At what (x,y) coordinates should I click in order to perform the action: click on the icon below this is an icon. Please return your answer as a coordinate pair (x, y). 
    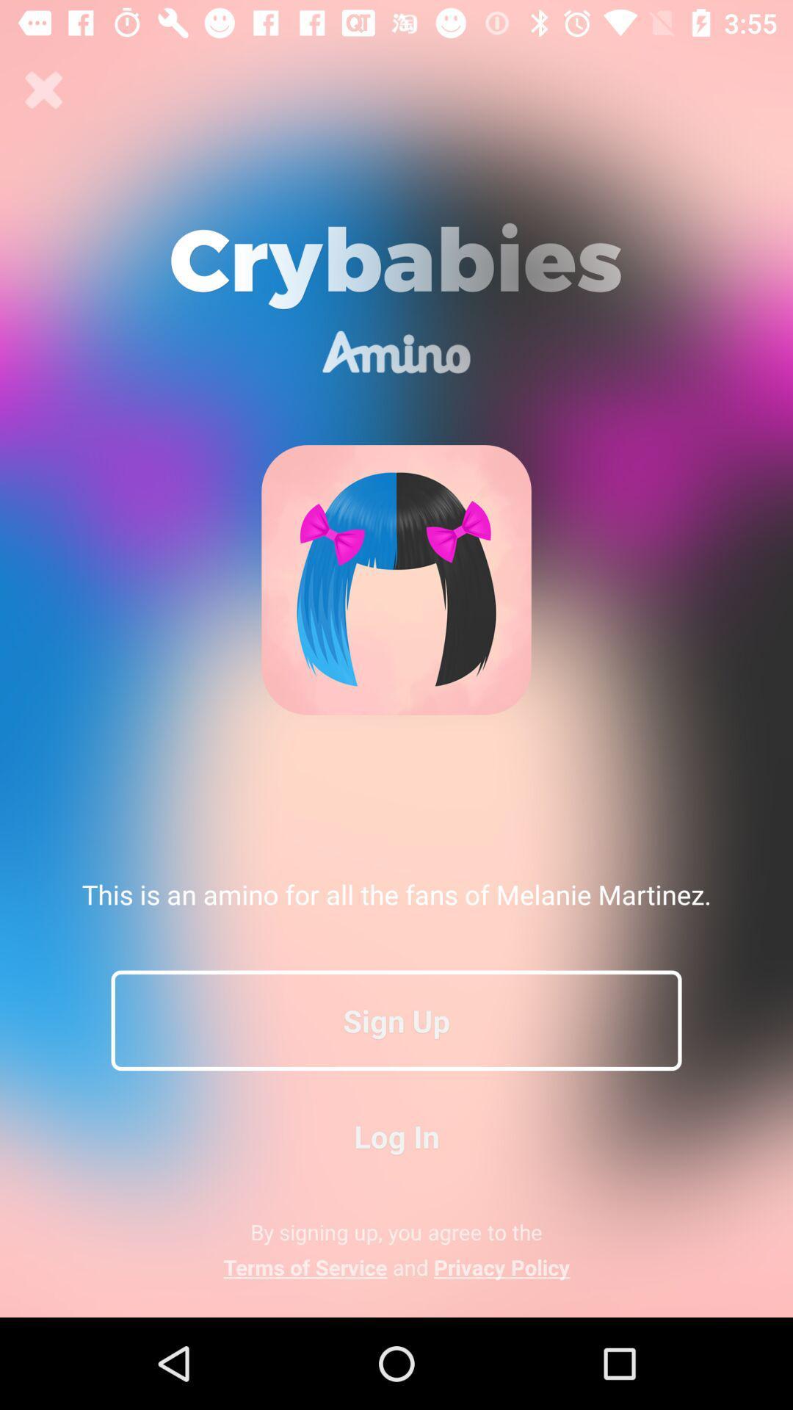
    Looking at the image, I should click on (396, 1019).